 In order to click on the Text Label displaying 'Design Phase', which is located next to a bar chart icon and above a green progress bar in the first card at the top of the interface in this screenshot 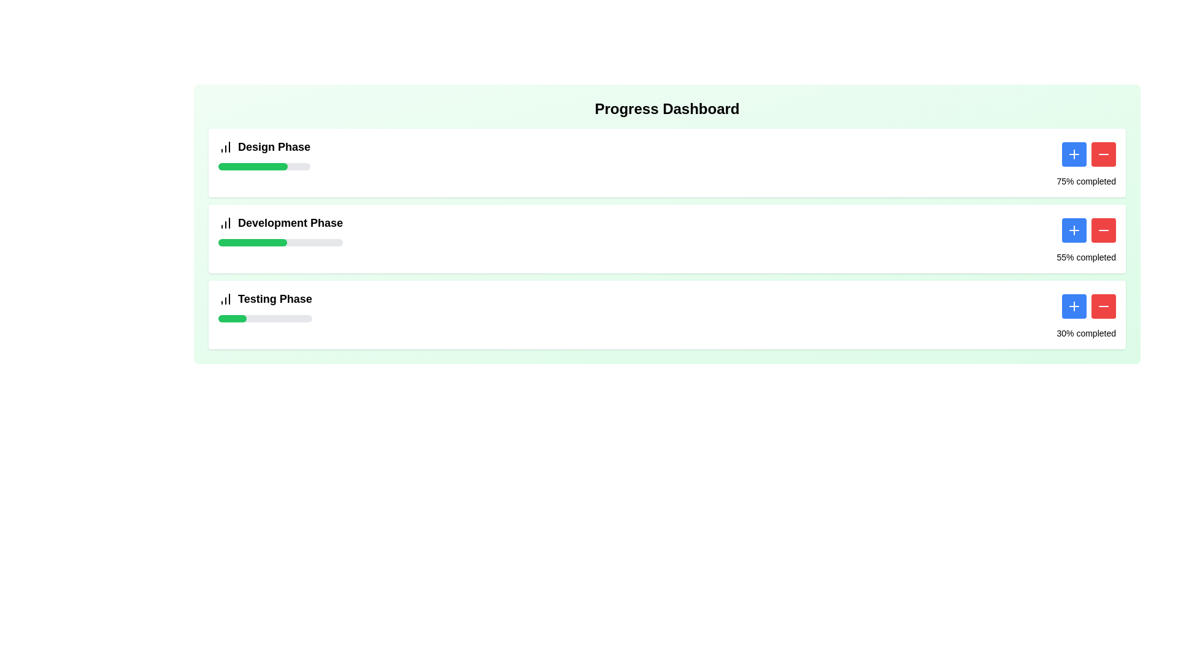, I will do `click(264, 153)`.